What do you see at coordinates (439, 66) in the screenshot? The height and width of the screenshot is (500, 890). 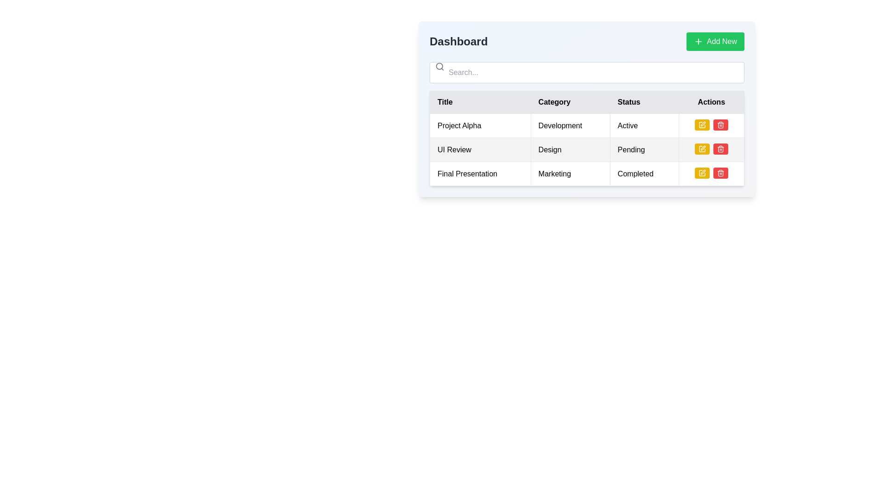 I see `the lens component of the magnifying glass icon, which is centrally located within the circular part of the icon, adjacent to the 'Search...' input field` at bounding box center [439, 66].